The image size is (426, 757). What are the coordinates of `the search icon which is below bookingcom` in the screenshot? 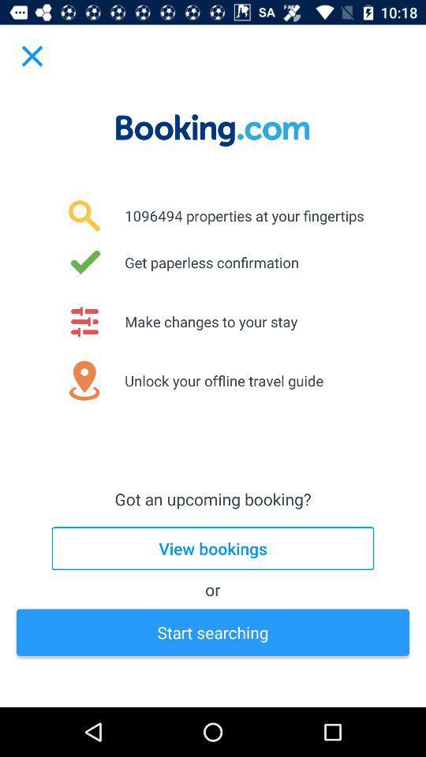 It's located at (84, 214).